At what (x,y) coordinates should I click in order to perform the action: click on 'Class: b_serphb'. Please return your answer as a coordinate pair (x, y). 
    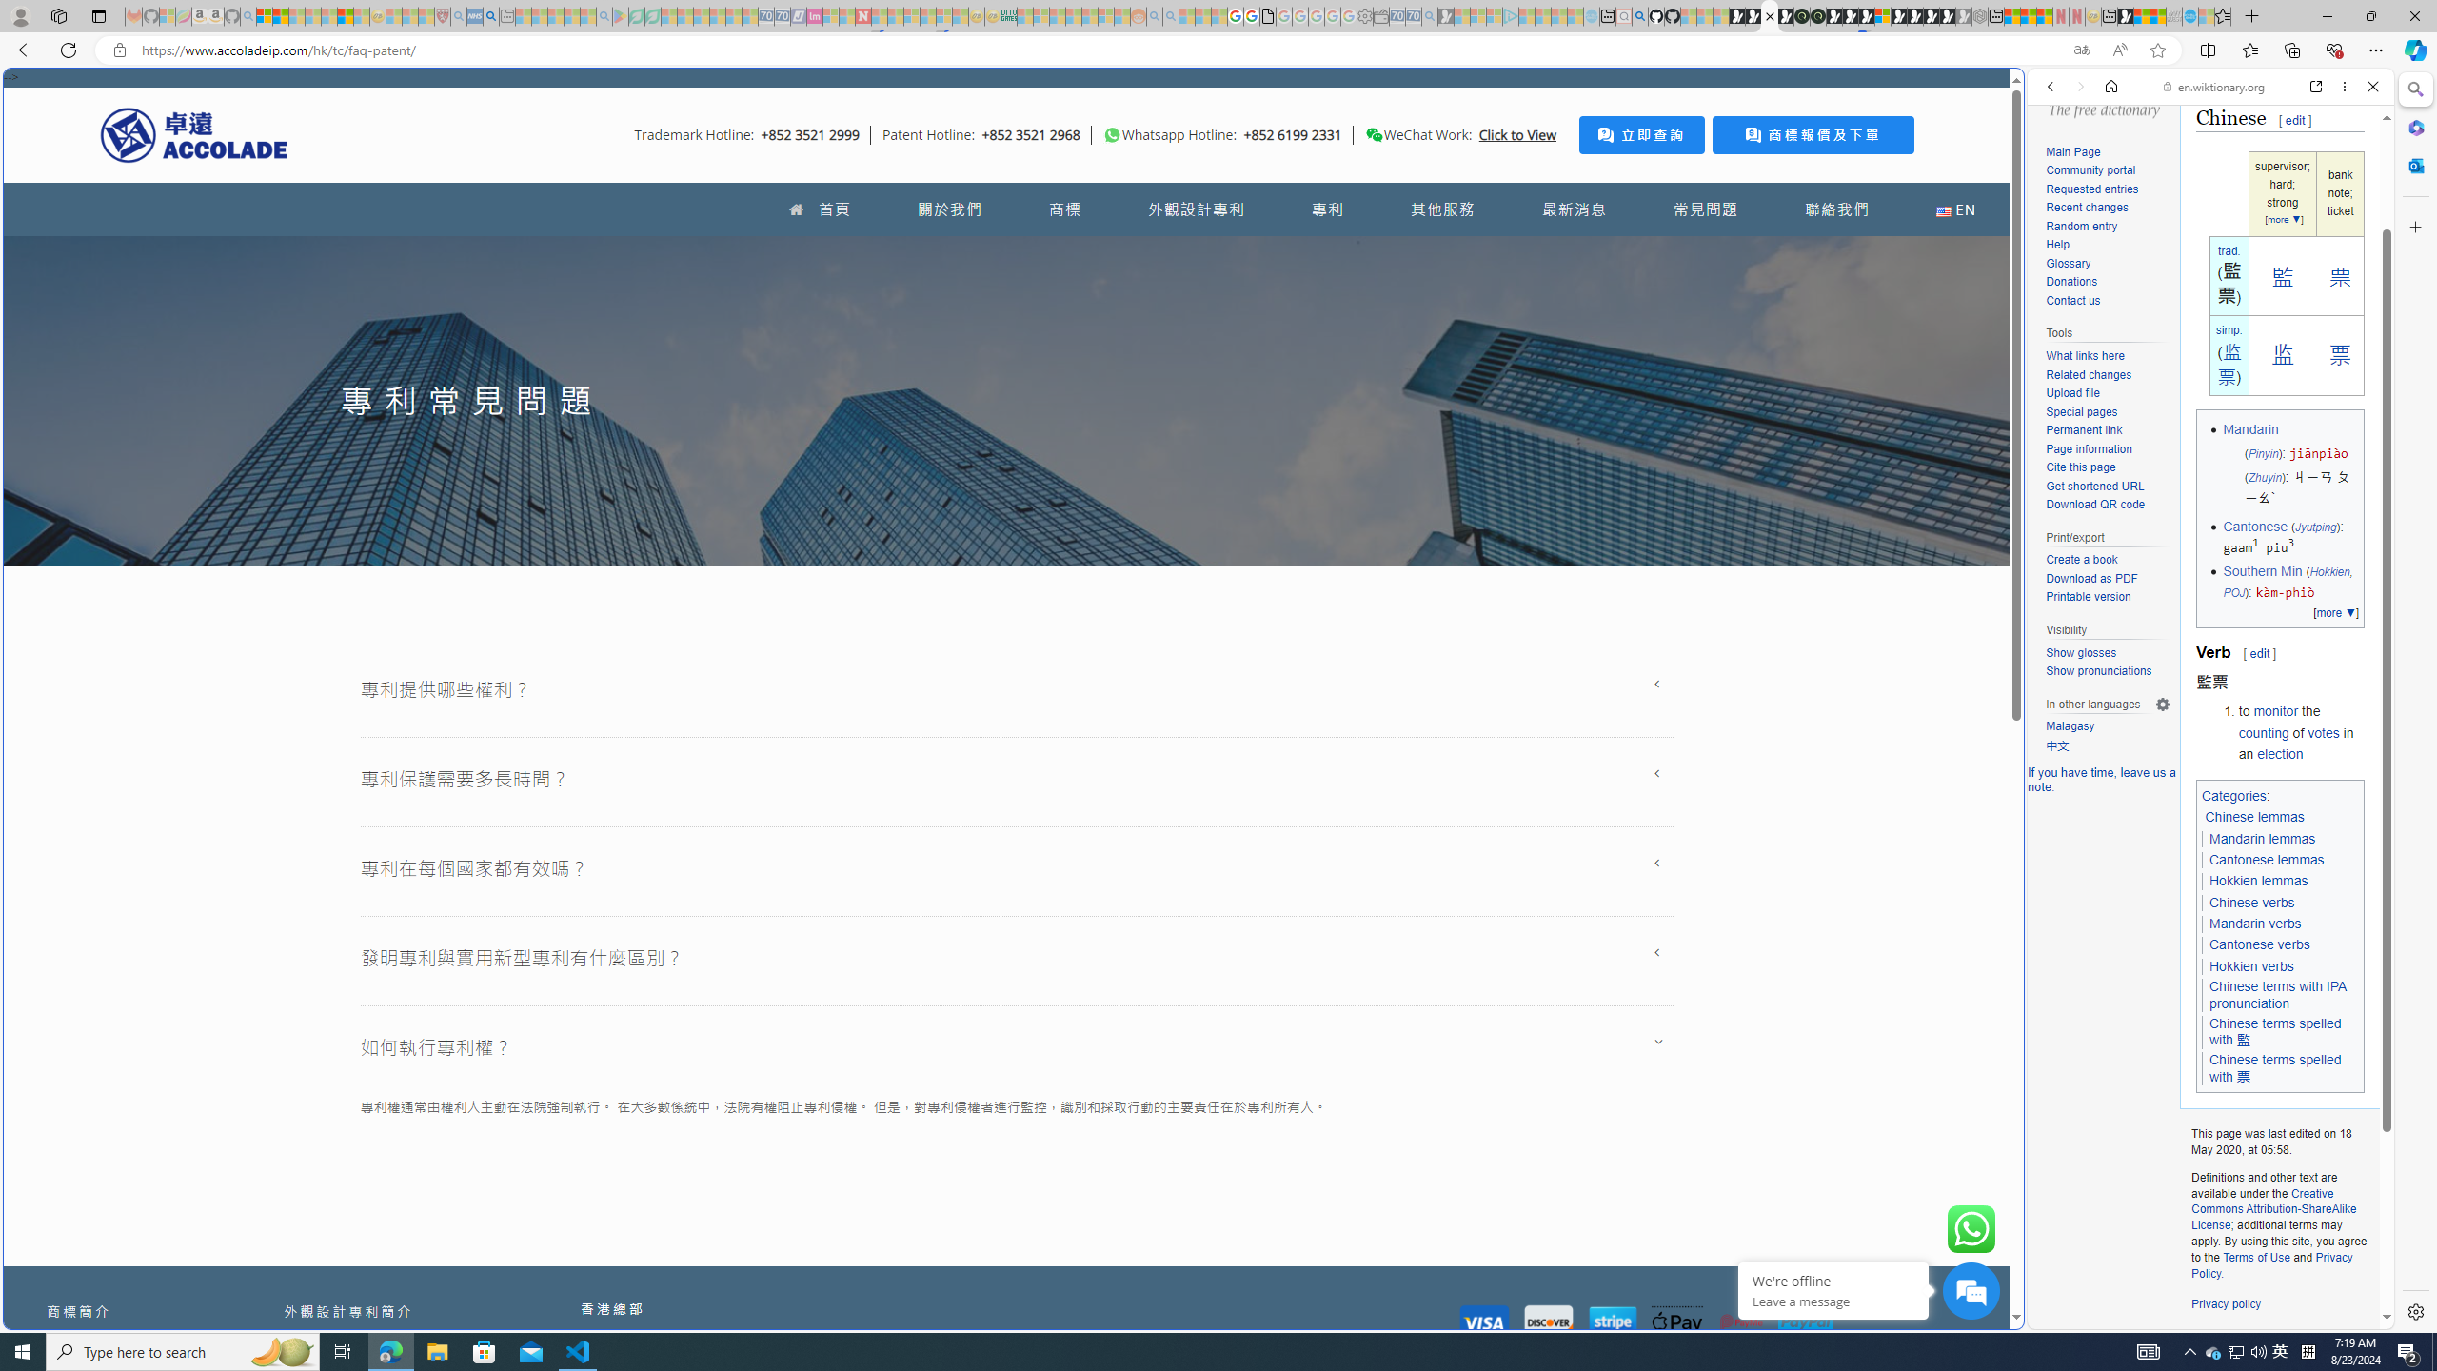
    Looking at the image, I should click on (2351, 218).